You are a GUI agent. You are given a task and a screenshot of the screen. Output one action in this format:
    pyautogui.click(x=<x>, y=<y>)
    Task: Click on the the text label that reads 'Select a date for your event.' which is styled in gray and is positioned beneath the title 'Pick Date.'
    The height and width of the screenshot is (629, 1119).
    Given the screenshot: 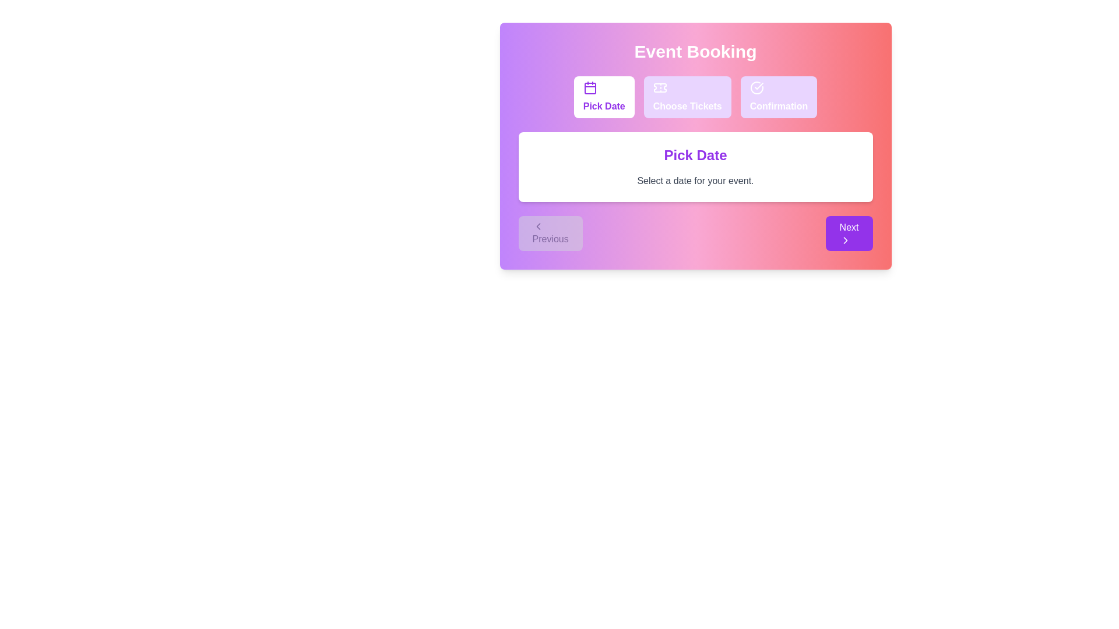 What is the action you would take?
    pyautogui.click(x=695, y=181)
    